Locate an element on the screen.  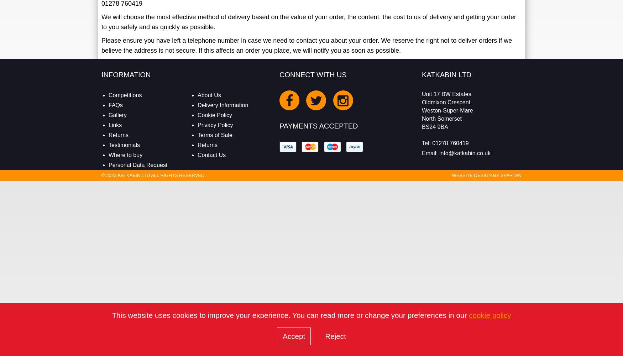
'About Us' is located at coordinates (209, 95).